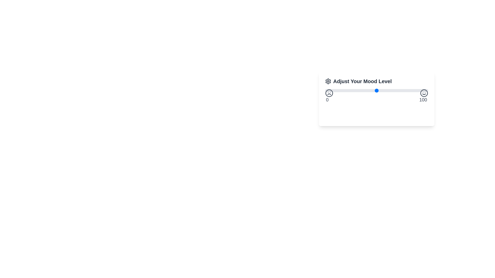 The image size is (495, 278). Describe the element at coordinates (409, 90) in the screenshot. I see `mood level` at that location.